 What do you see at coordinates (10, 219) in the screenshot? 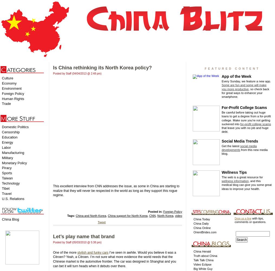
I see `'China Blog'` at bounding box center [10, 219].